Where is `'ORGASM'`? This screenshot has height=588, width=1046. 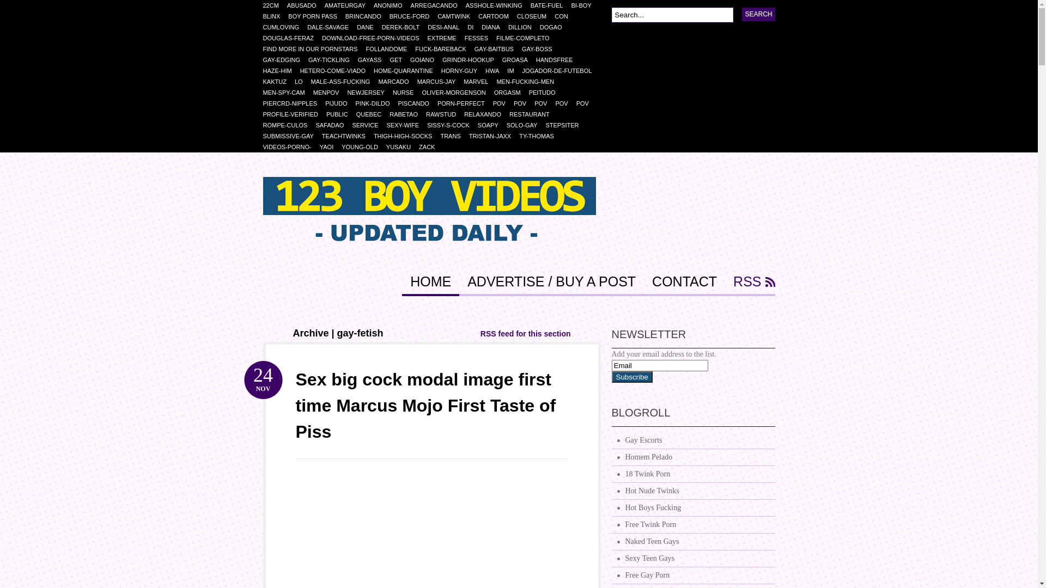 'ORGASM' is located at coordinates (511, 91).